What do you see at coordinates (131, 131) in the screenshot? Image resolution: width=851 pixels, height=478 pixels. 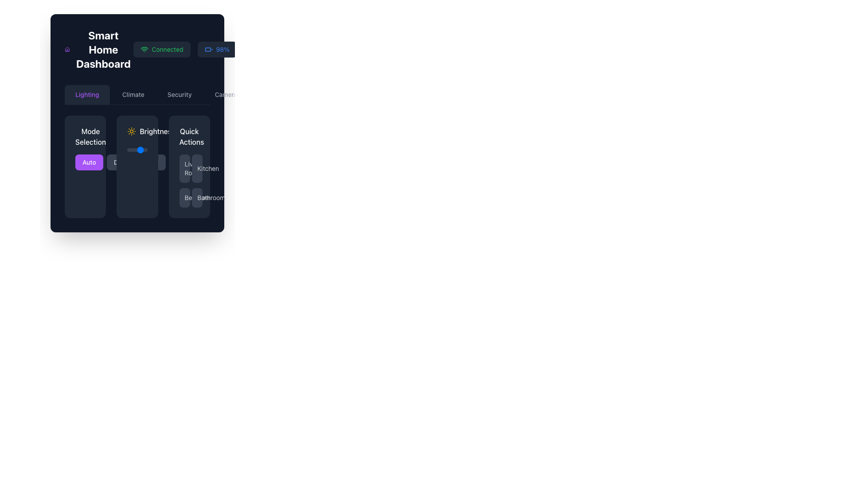 I see `the brightness indicator by clicking on the brightness icon located at the top-left corner of the 'Brightness' card in the 'Lighting' section of the dashboard` at bounding box center [131, 131].